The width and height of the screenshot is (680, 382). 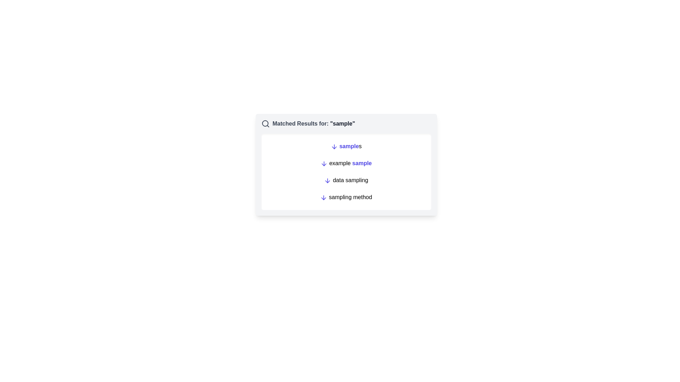 I want to click on the compact downward arrow icon next to the 'data sampling' label, so click(x=327, y=180).